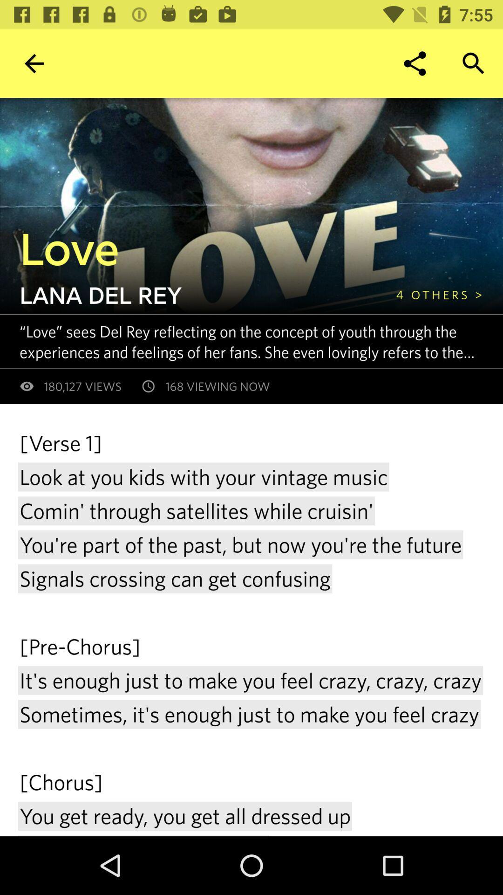 Image resolution: width=503 pixels, height=895 pixels. I want to click on icon below love, so click(439, 294).